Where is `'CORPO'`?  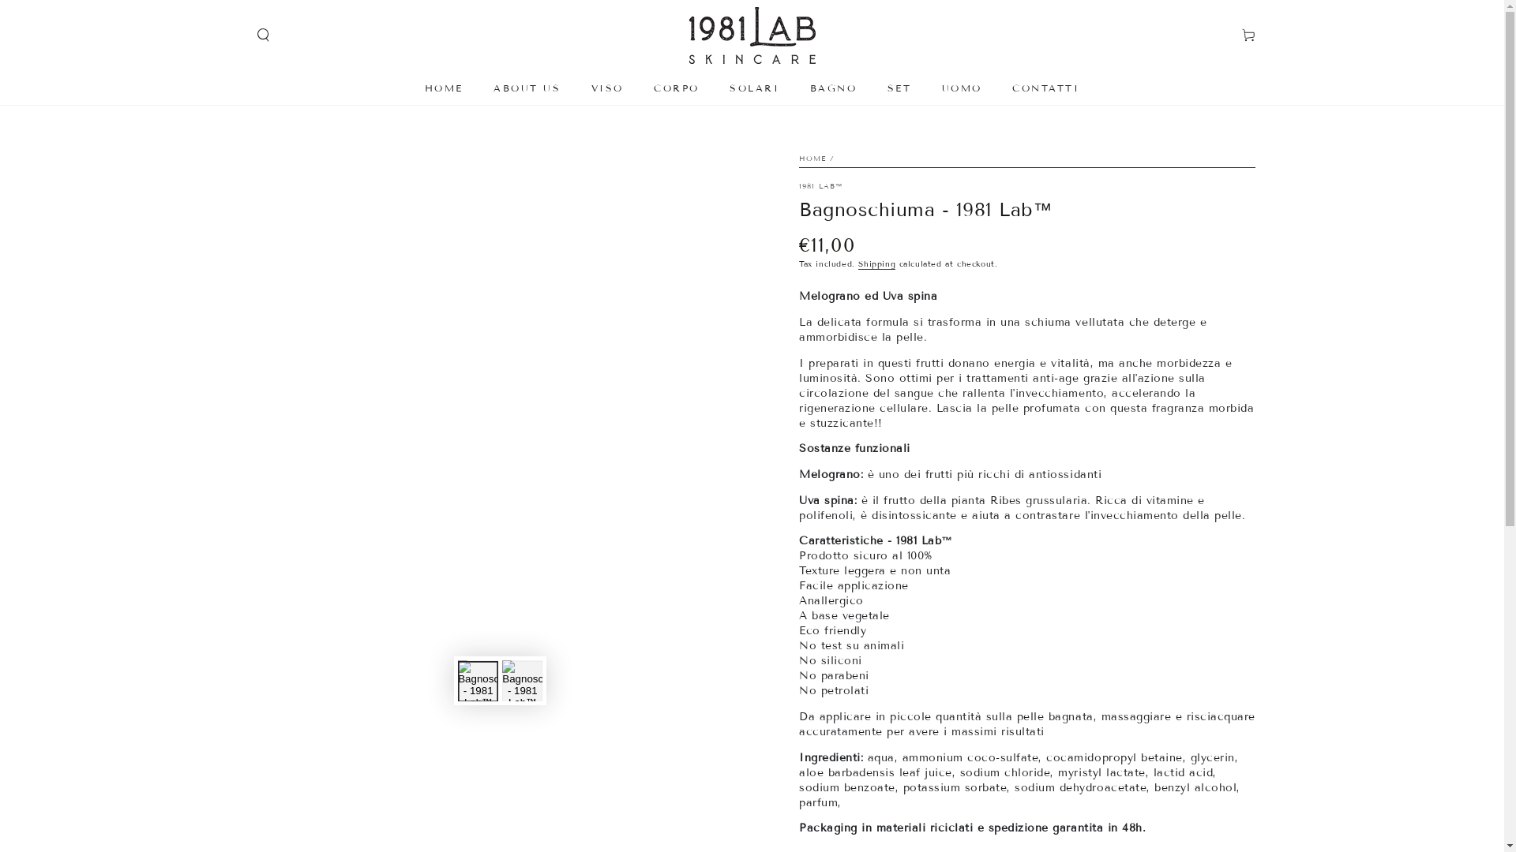 'CORPO' is located at coordinates (644, 88).